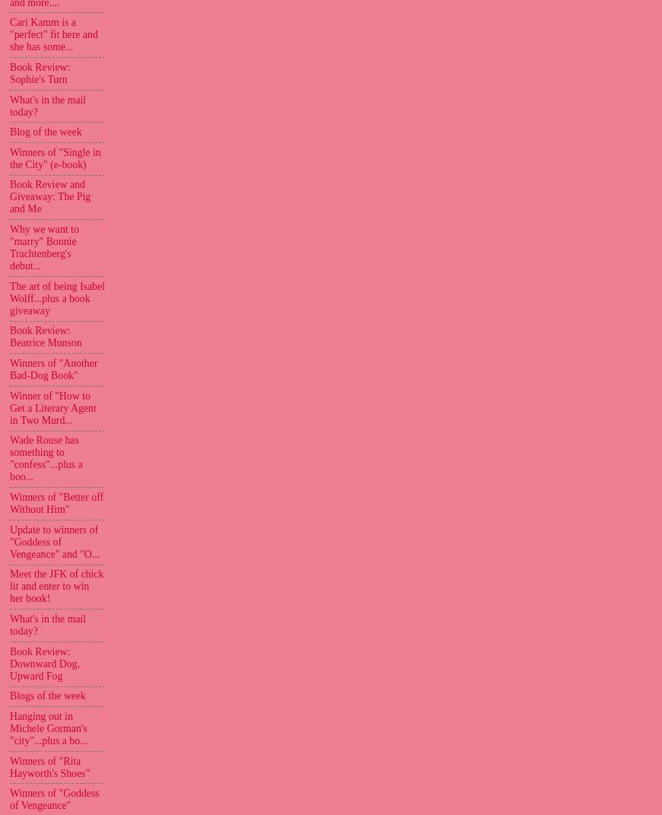  I want to click on 'Why we want to "marry" Bonnie Trachtenberg's debut...', so click(43, 247).